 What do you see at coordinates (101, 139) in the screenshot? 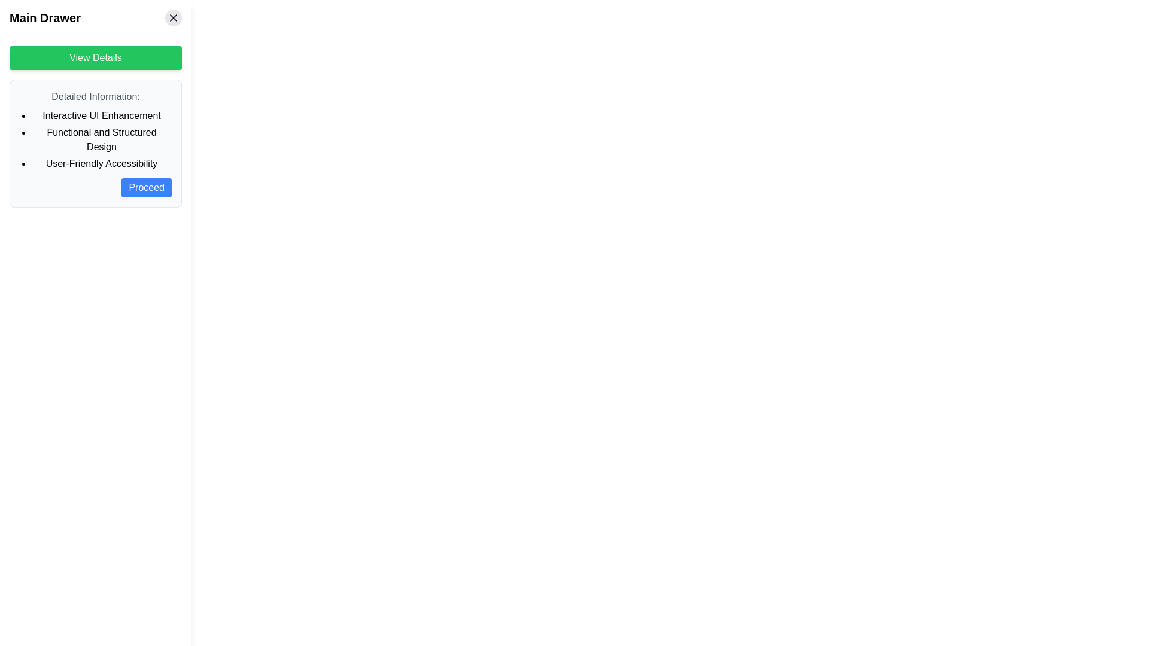
I see `the static text item displaying 'Functional and Structured Design', which is the second item in a bulleted list within the 'Detailed Information' section` at bounding box center [101, 139].